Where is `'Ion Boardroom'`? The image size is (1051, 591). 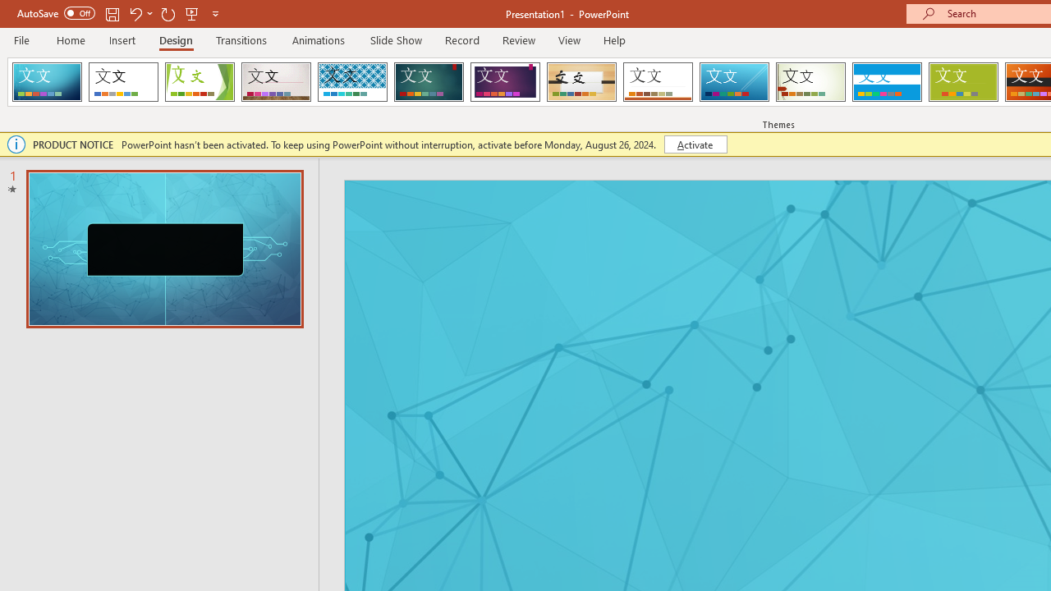 'Ion Boardroom' is located at coordinates (504, 82).